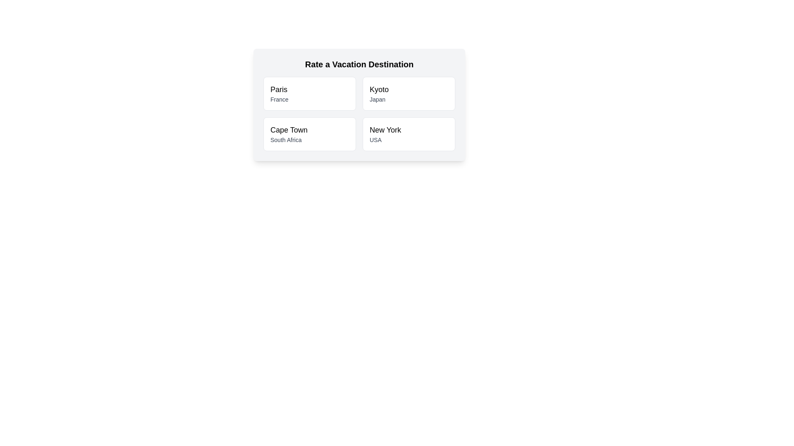  What do you see at coordinates (409, 93) in the screenshot?
I see `the 'Kyoto' card, which is a rectangular card with a white background and bordered in light gray, containing 'Kyoto' in bold and 'Japan' below it` at bounding box center [409, 93].